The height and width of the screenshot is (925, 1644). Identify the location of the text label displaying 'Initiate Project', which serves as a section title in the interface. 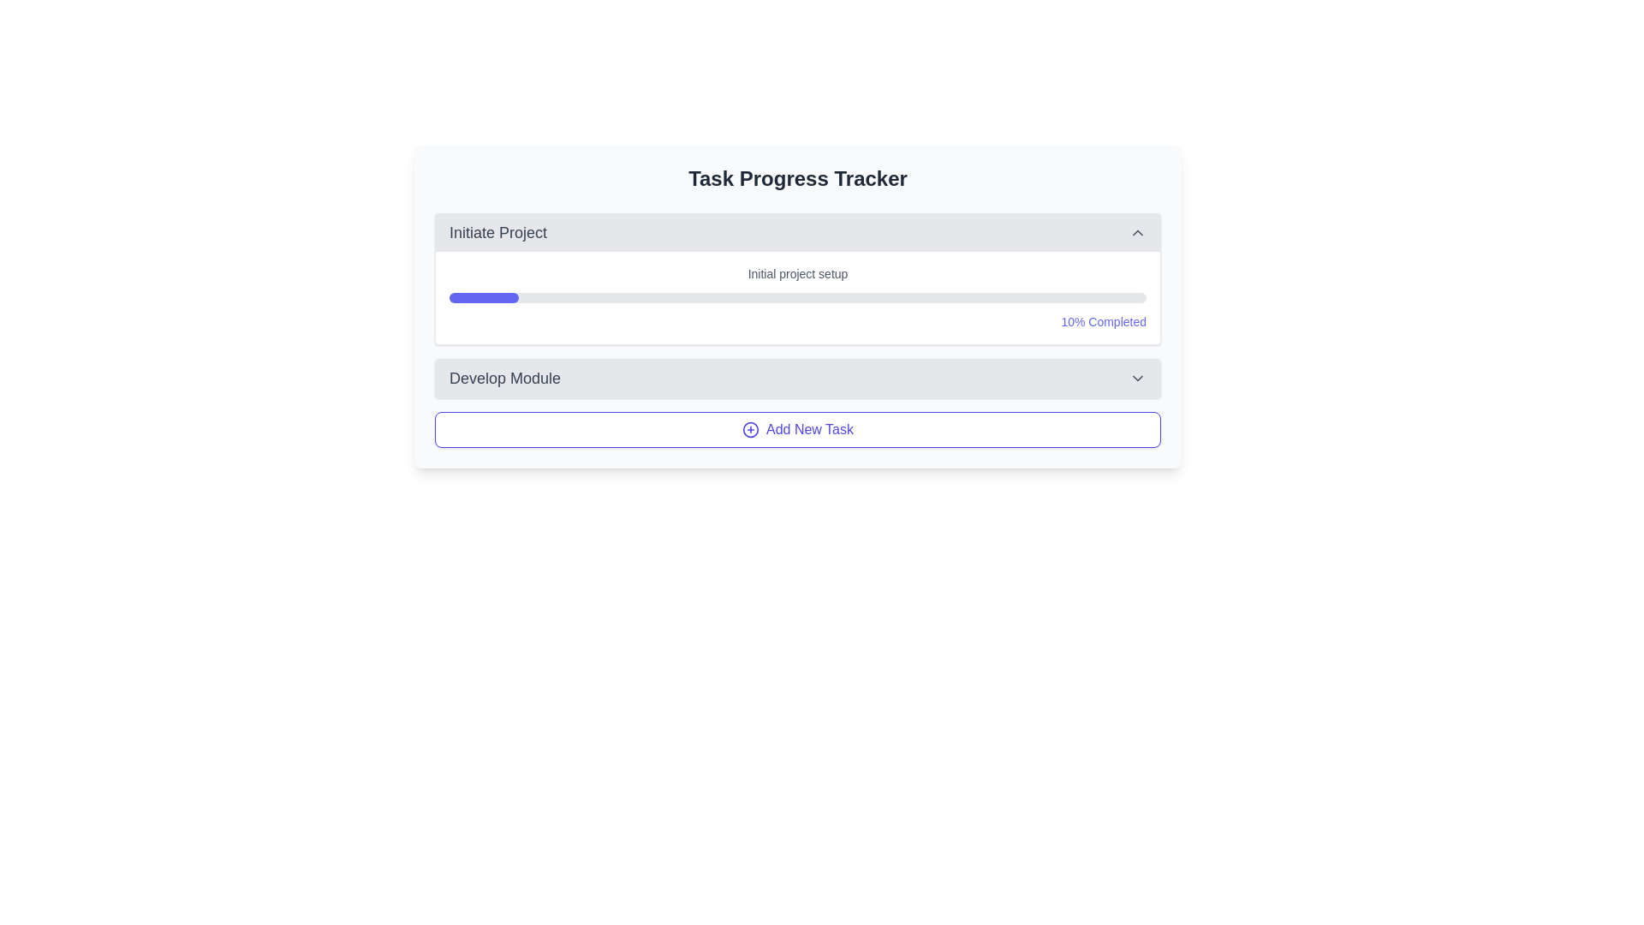
(497, 233).